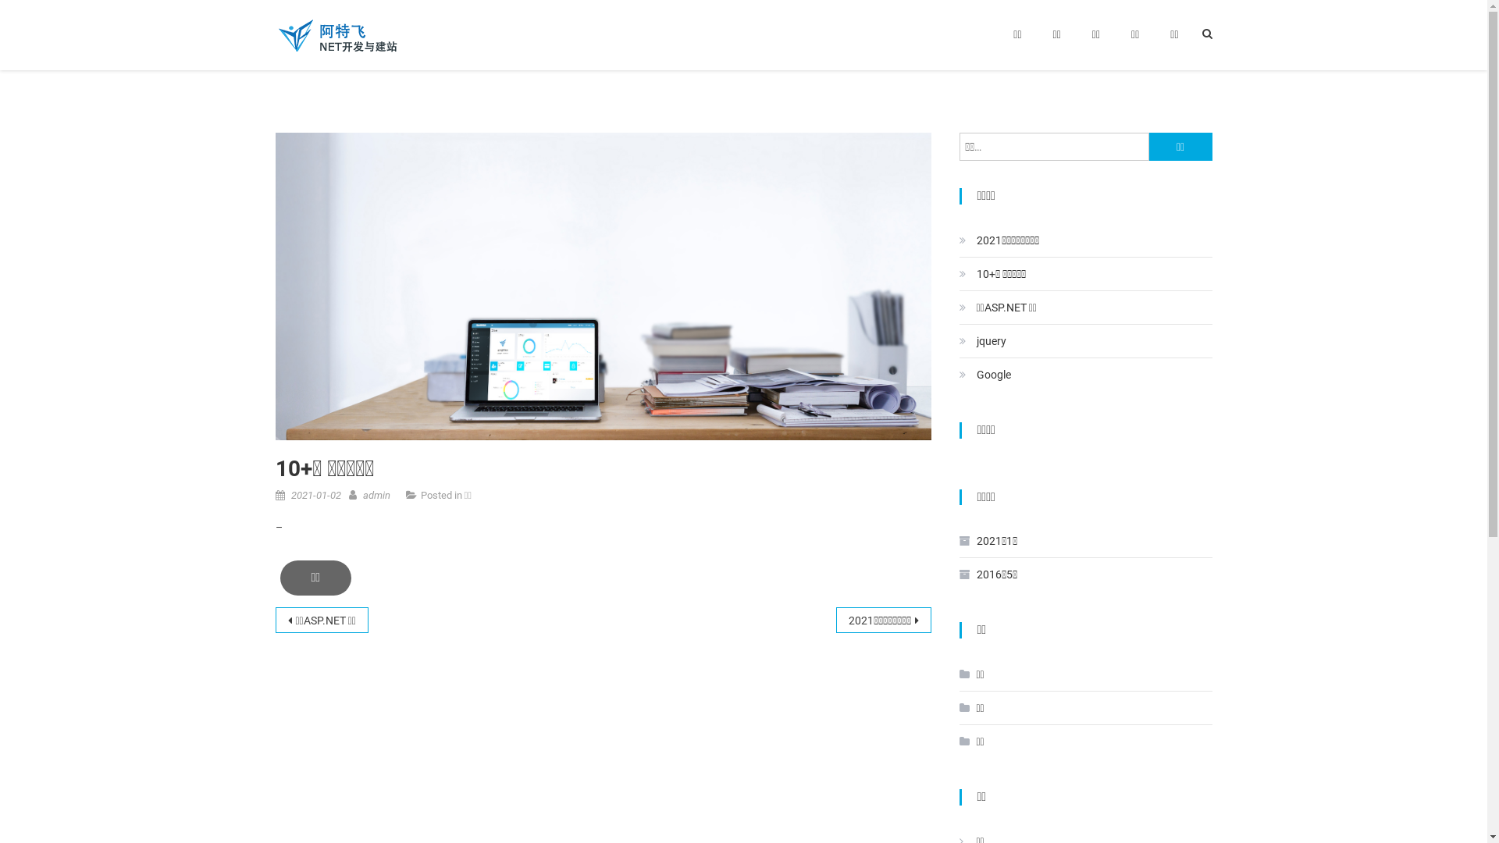 This screenshot has width=1499, height=843. I want to click on 'jquery', so click(981, 340).